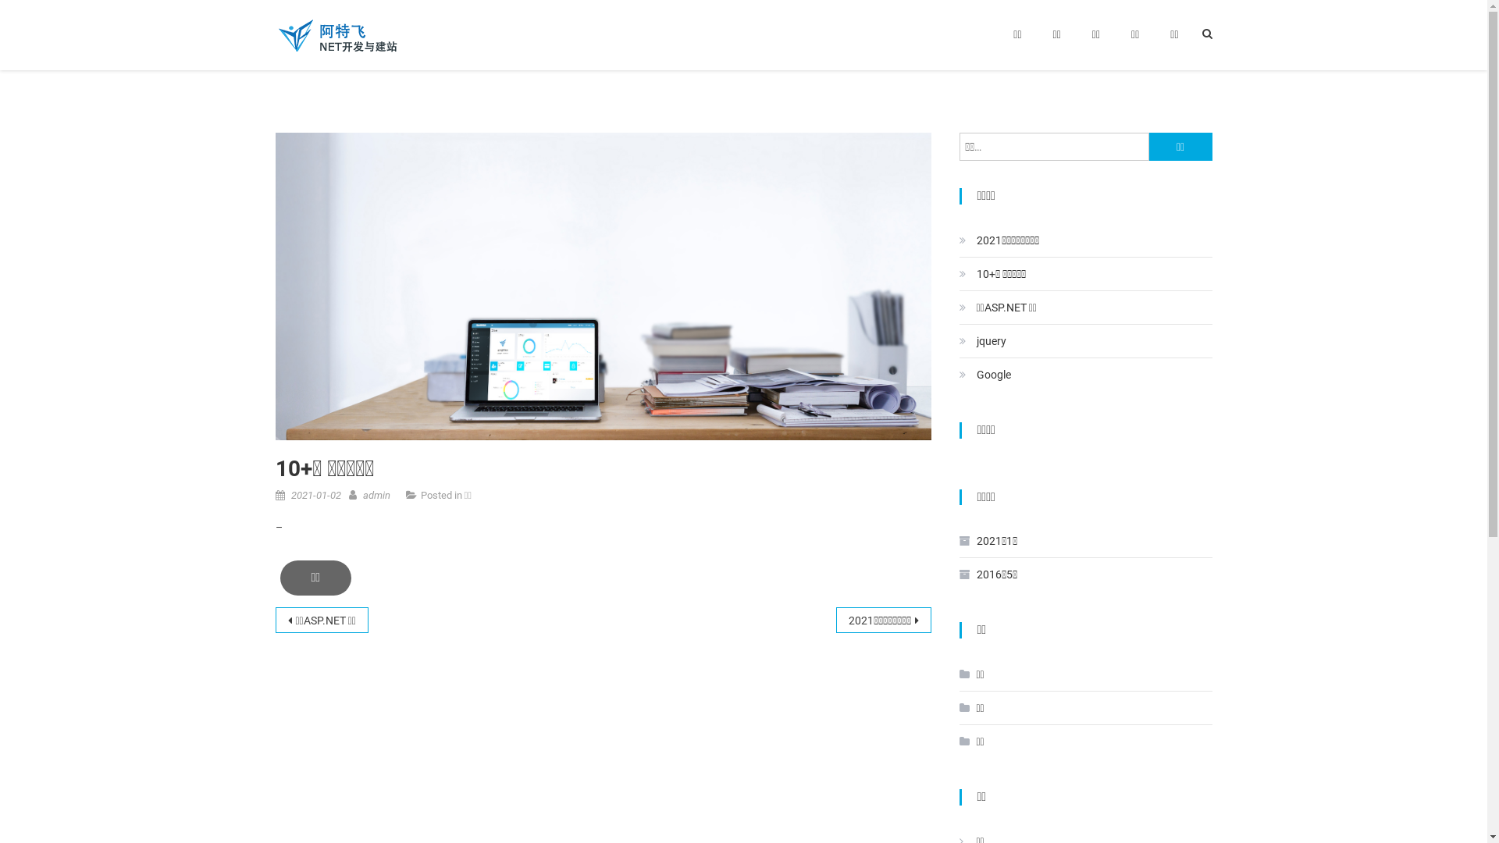 This screenshot has width=1499, height=843. I want to click on 'jquery', so click(981, 340).